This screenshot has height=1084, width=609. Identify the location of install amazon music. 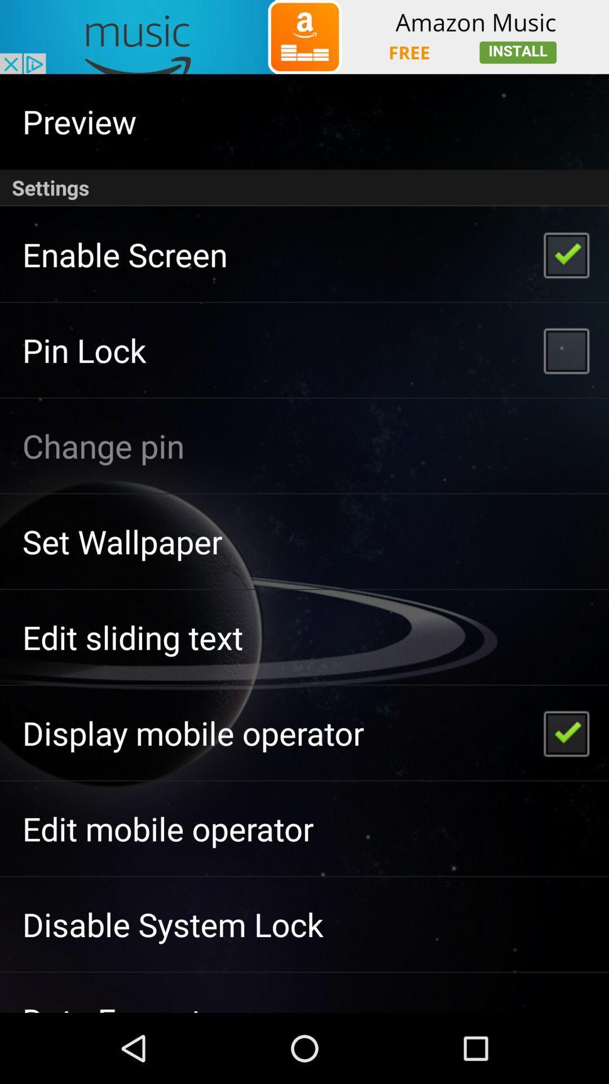
(304, 37).